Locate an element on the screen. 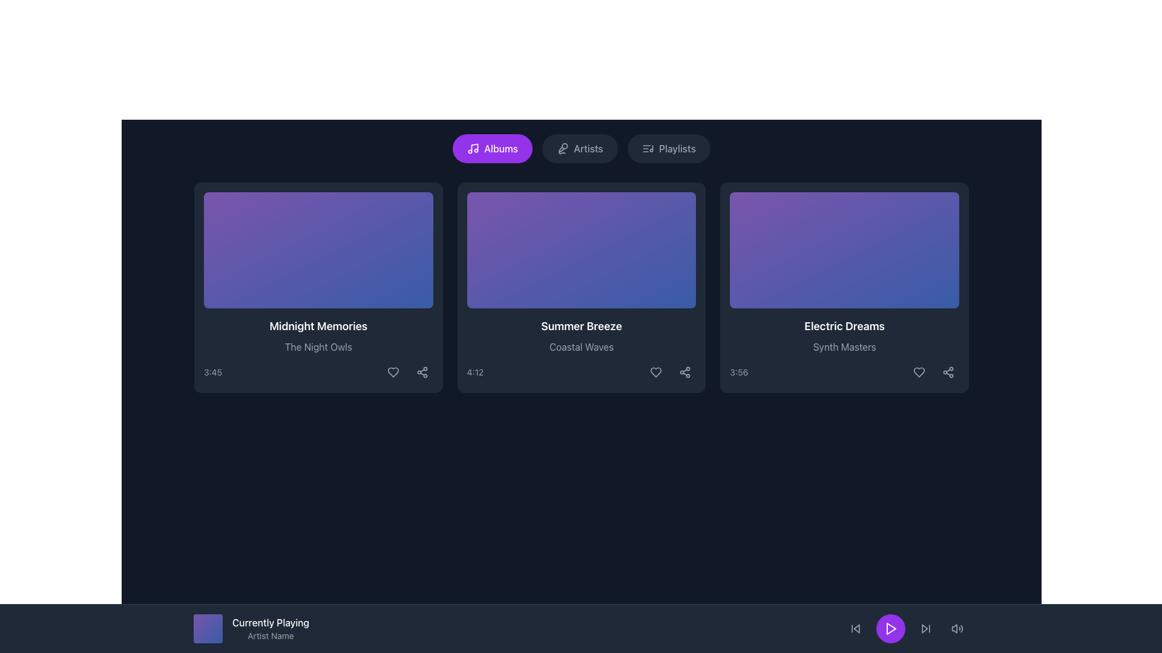 The height and width of the screenshot is (653, 1162). the static text label displaying the duration of the music track for the album 'Midnight Memories', located at the bottom-left corner of the card is located at coordinates (212, 372).